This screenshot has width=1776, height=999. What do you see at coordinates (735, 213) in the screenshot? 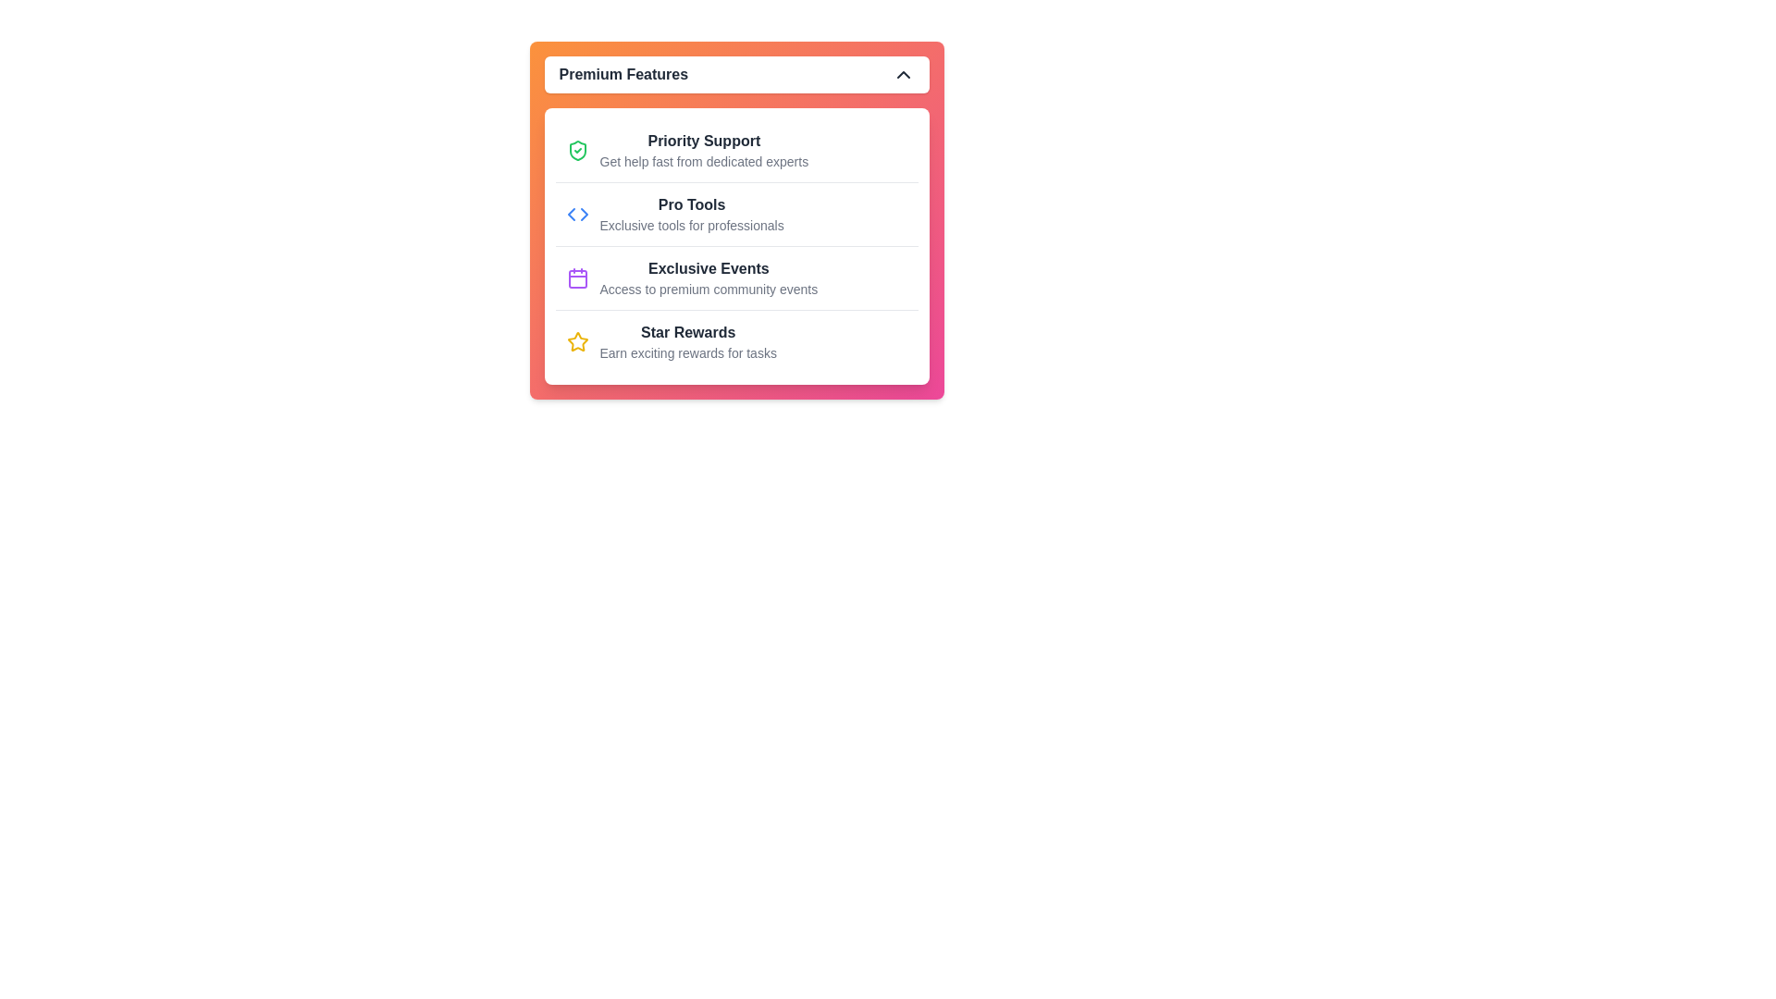
I see `the second list item titled 'Pro Tools' with coding brackets icon in the 'Premium Features' card` at bounding box center [735, 213].